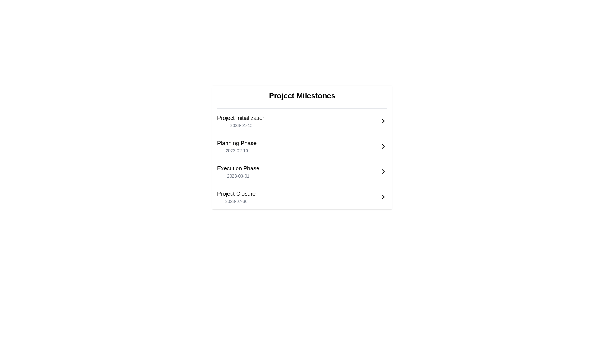 This screenshot has width=600, height=337. I want to click on text label for the milestone 'Project Closure', which is located in the fourth row of the 'Project Milestones' list, above the date '2023-07-30', so click(236, 193).